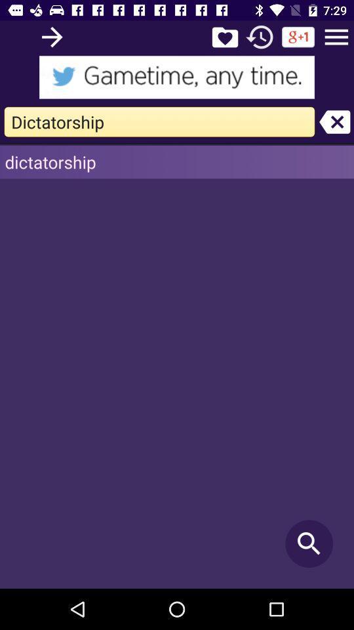 This screenshot has width=354, height=630. What do you see at coordinates (224, 36) in the screenshot?
I see `archive entry in liked` at bounding box center [224, 36].